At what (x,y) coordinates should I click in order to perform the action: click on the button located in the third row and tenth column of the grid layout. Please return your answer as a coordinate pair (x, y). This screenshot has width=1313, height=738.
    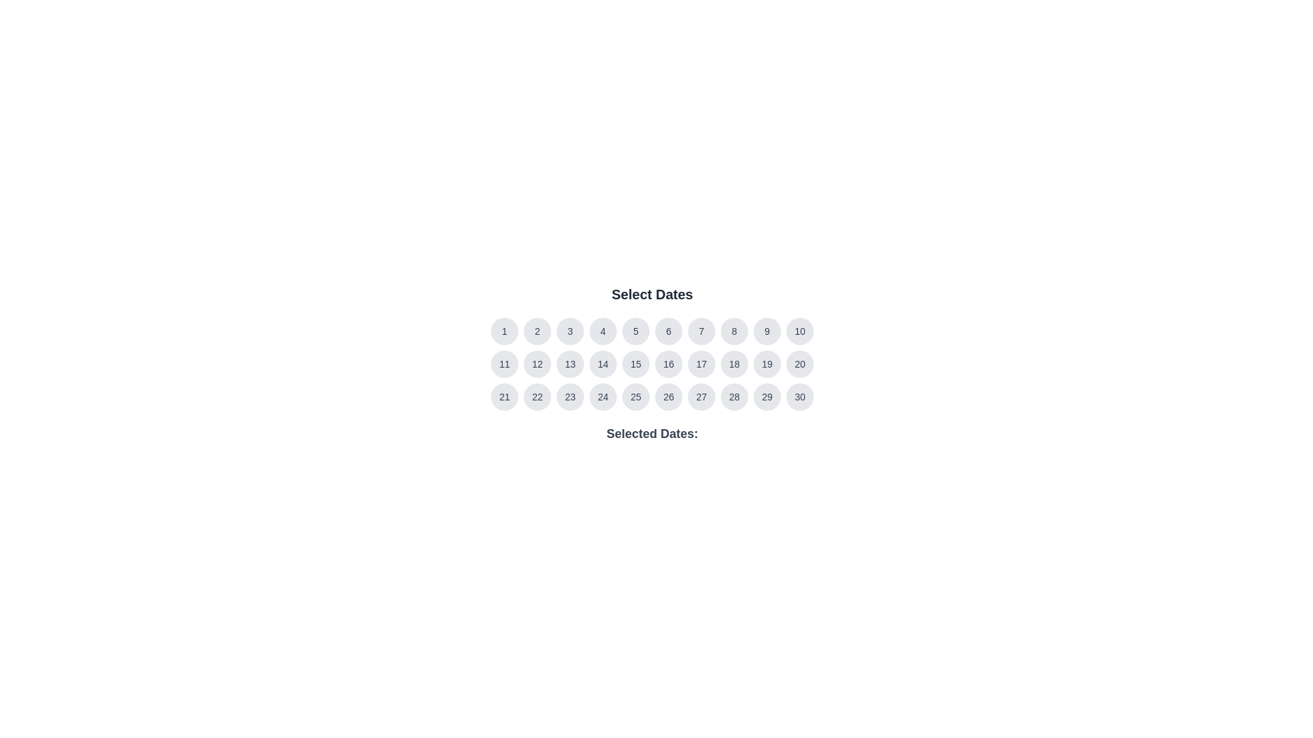
    Looking at the image, I should click on (800, 363).